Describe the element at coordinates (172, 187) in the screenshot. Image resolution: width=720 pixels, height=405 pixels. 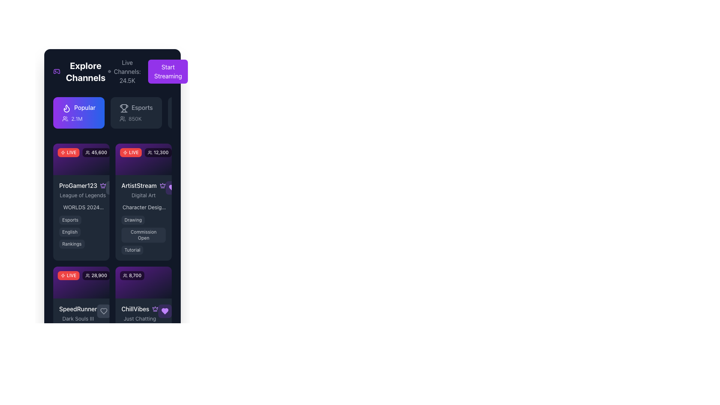
I see `the button in the 'ArtistStream' card located at the top-right corner of the 'Digital Art' category` at that location.